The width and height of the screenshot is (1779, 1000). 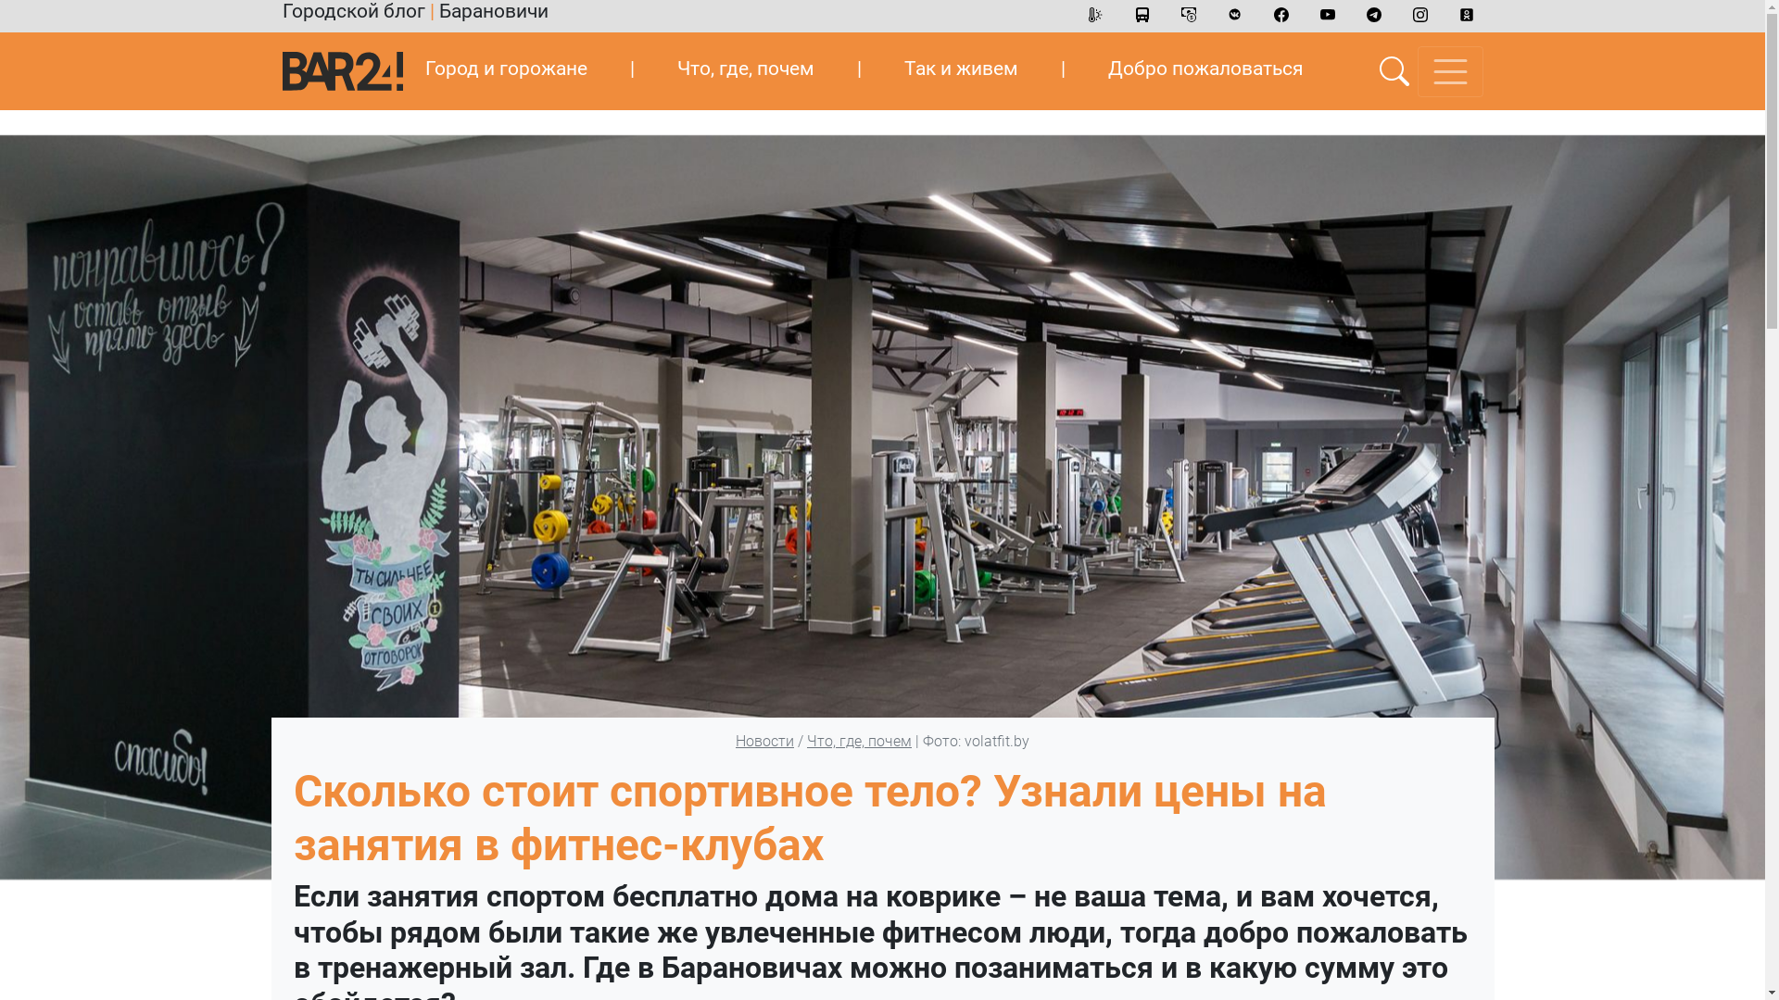 What do you see at coordinates (632, 68) in the screenshot?
I see `'|'` at bounding box center [632, 68].